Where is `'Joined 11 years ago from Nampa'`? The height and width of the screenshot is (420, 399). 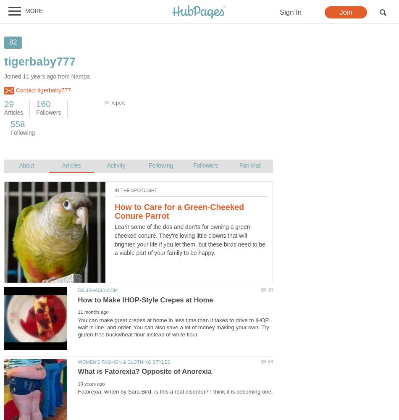
'Joined 11 years ago from Nampa' is located at coordinates (47, 76).